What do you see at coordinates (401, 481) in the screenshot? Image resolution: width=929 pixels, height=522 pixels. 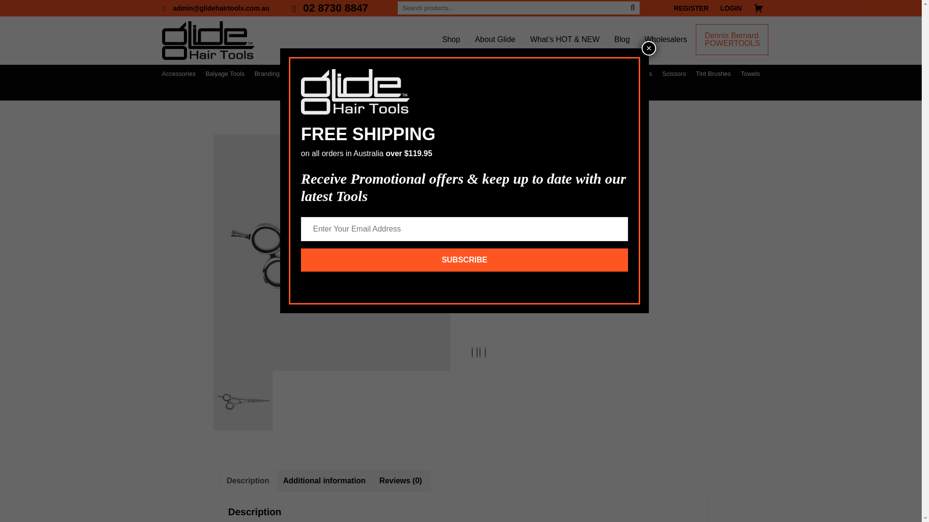 I see `'Reviews (0)'` at bounding box center [401, 481].